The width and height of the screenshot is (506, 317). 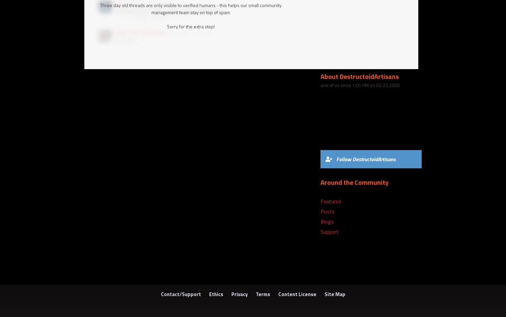 What do you see at coordinates (355, 181) in the screenshot?
I see `'Around the Community'` at bounding box center [355, 181].